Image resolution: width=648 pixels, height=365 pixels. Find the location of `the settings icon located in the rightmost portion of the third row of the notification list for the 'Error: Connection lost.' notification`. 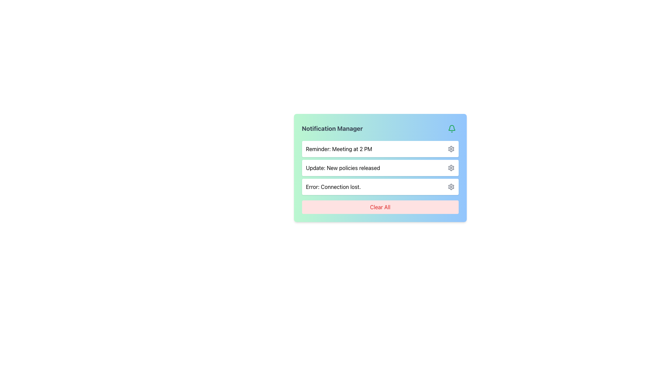

the settings icon located in the rightmost portion of the third row of the notification list for the 'Error: Connection lost.' notification is located at coordinates (451, 187).